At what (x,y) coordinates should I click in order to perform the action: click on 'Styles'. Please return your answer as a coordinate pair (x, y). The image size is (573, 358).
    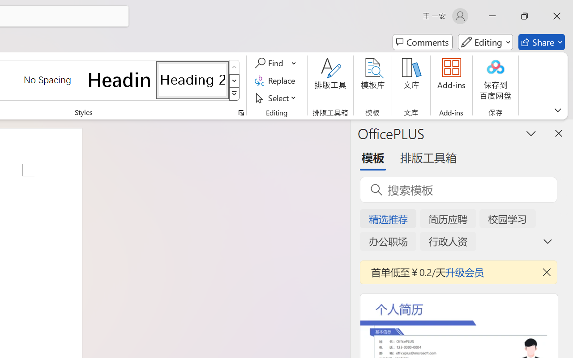
    Looking at the image, I should click on (234, 94).